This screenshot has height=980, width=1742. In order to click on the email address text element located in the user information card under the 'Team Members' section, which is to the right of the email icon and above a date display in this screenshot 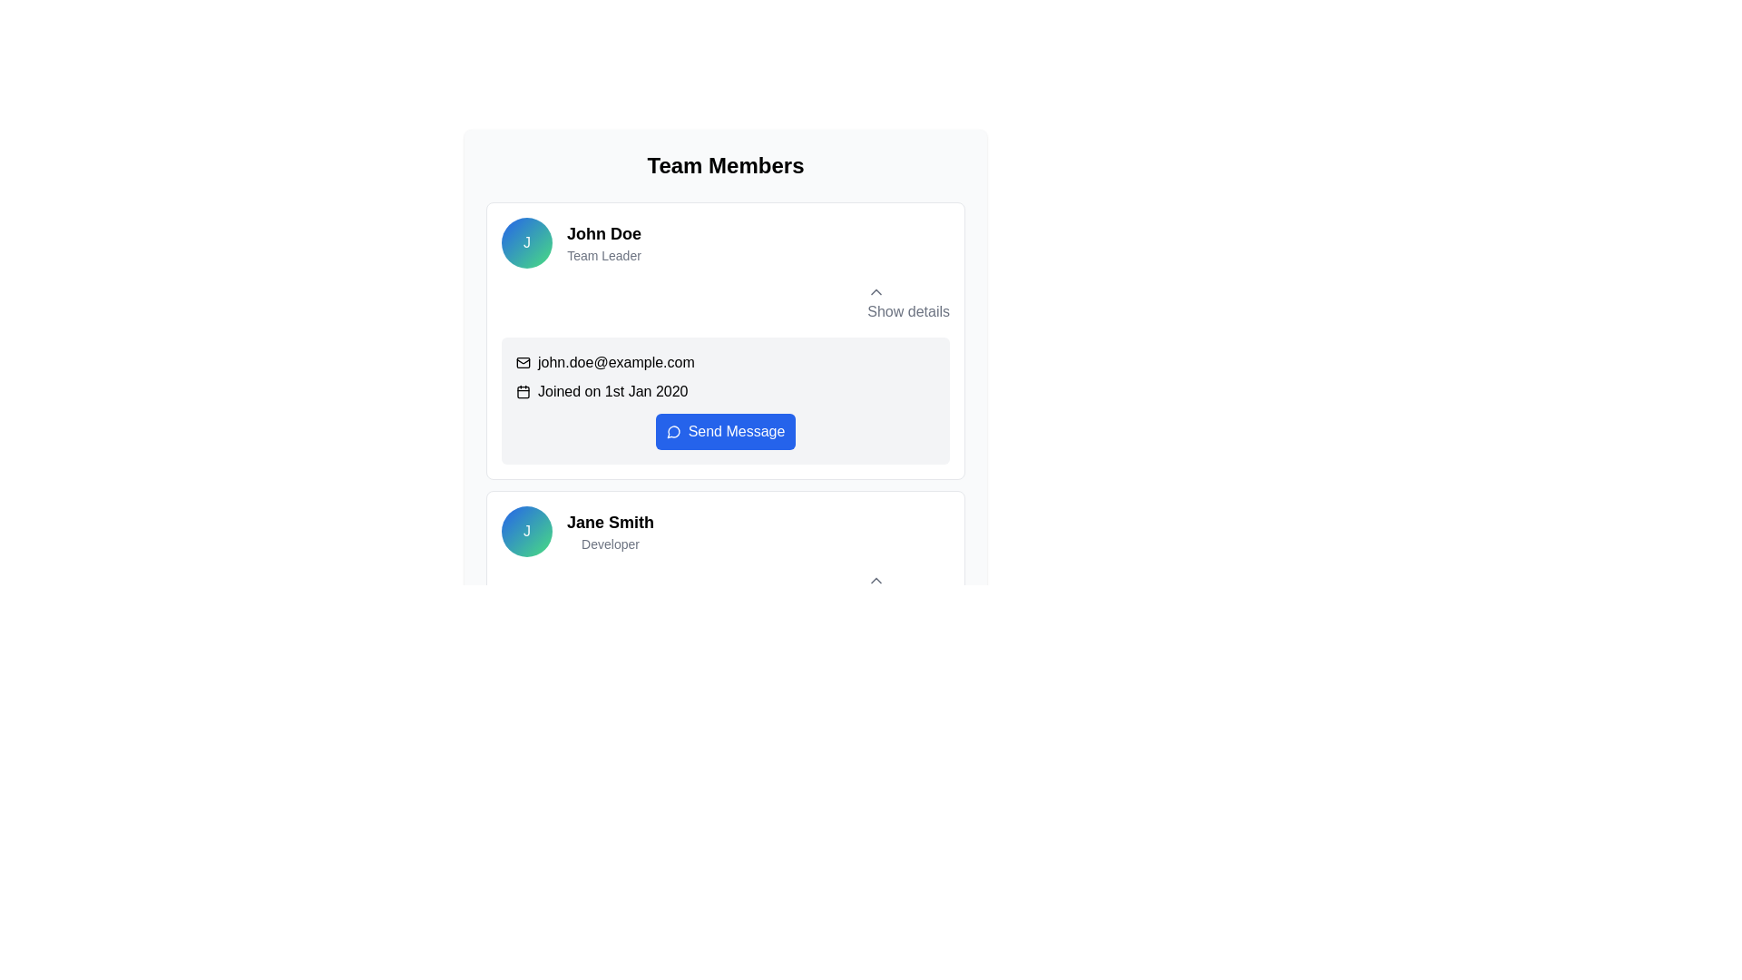, I will do `click(616, 363)`.